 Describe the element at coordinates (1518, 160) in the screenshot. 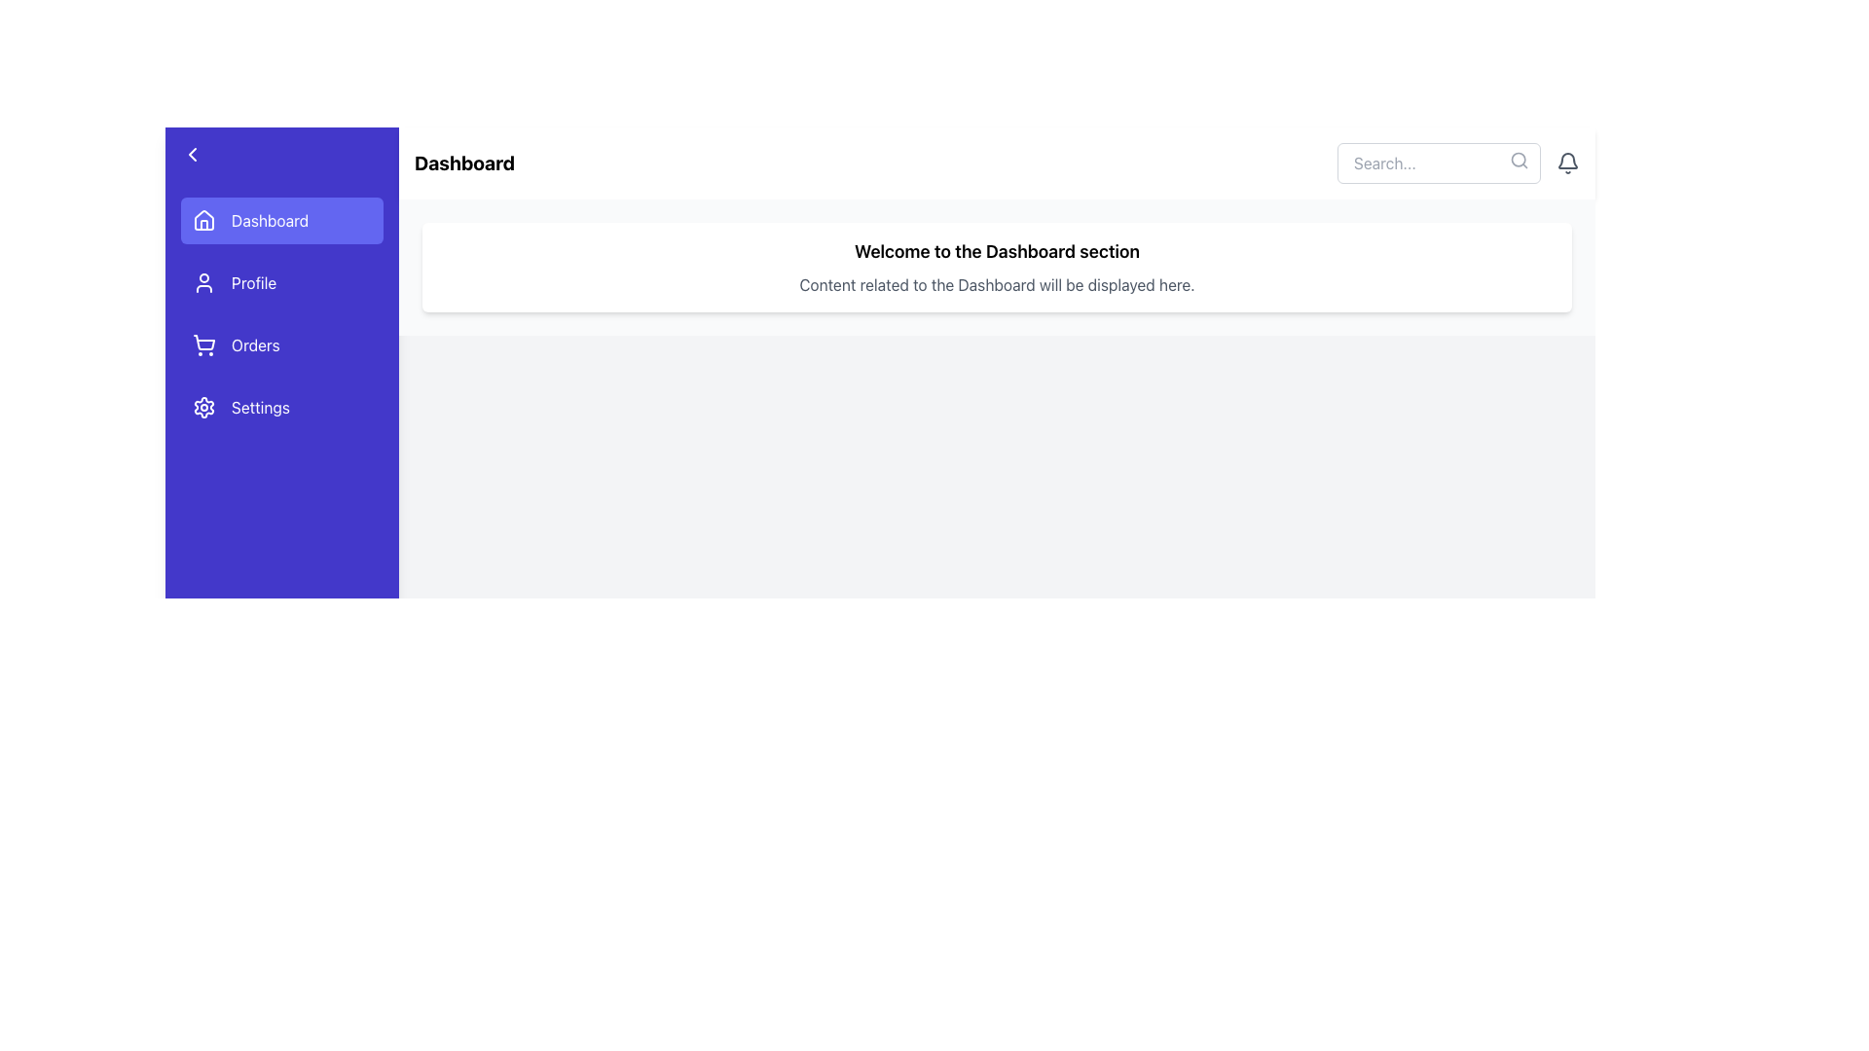

I see `the search icon styled as a magnifying glass located at the right end of the search input bar, adjacent to the 'Search...' placeholder text` at that location.